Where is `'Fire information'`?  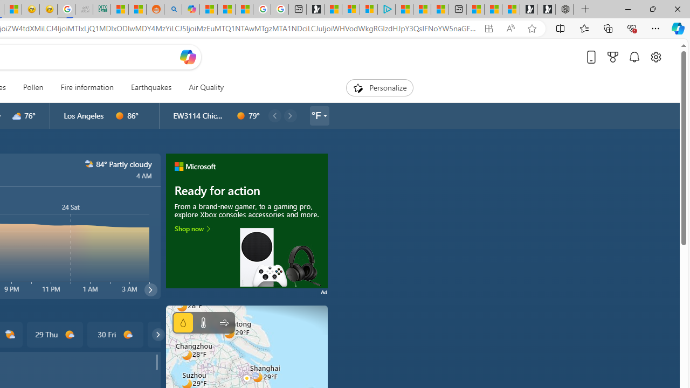 'Fire information' is located at coordinates (87, 87).